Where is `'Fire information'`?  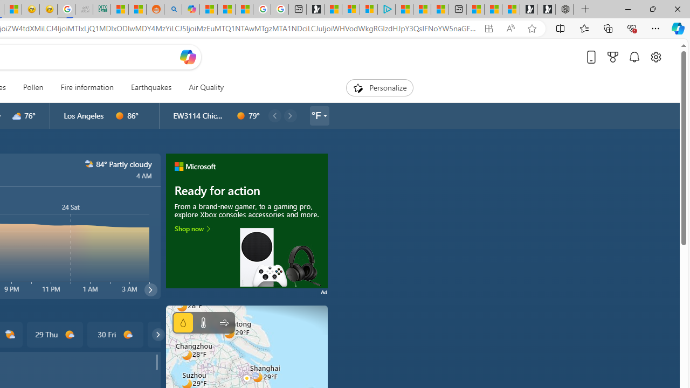 'Fire information' is located at coordinates (87, 87).